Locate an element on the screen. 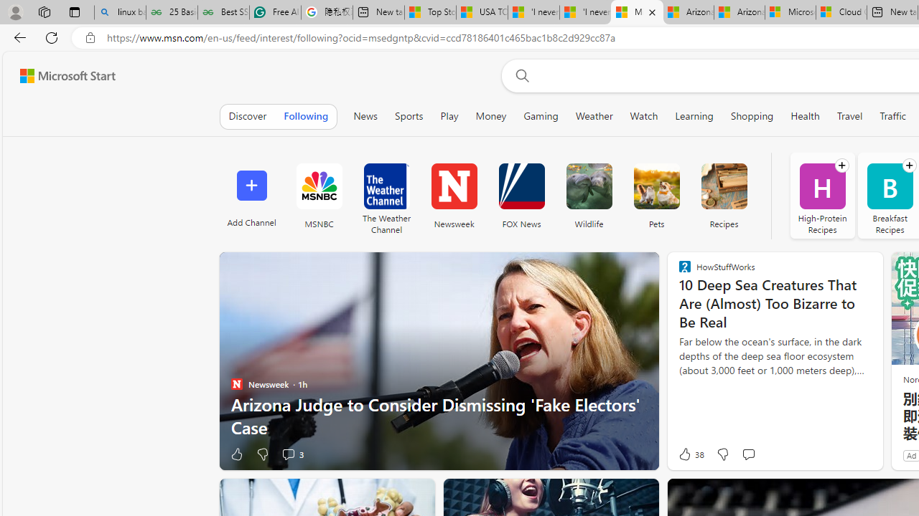 Image resolution: width=919 pixels, height=516 pixels. 'Wildlife' is located at coordinates (589, 186).